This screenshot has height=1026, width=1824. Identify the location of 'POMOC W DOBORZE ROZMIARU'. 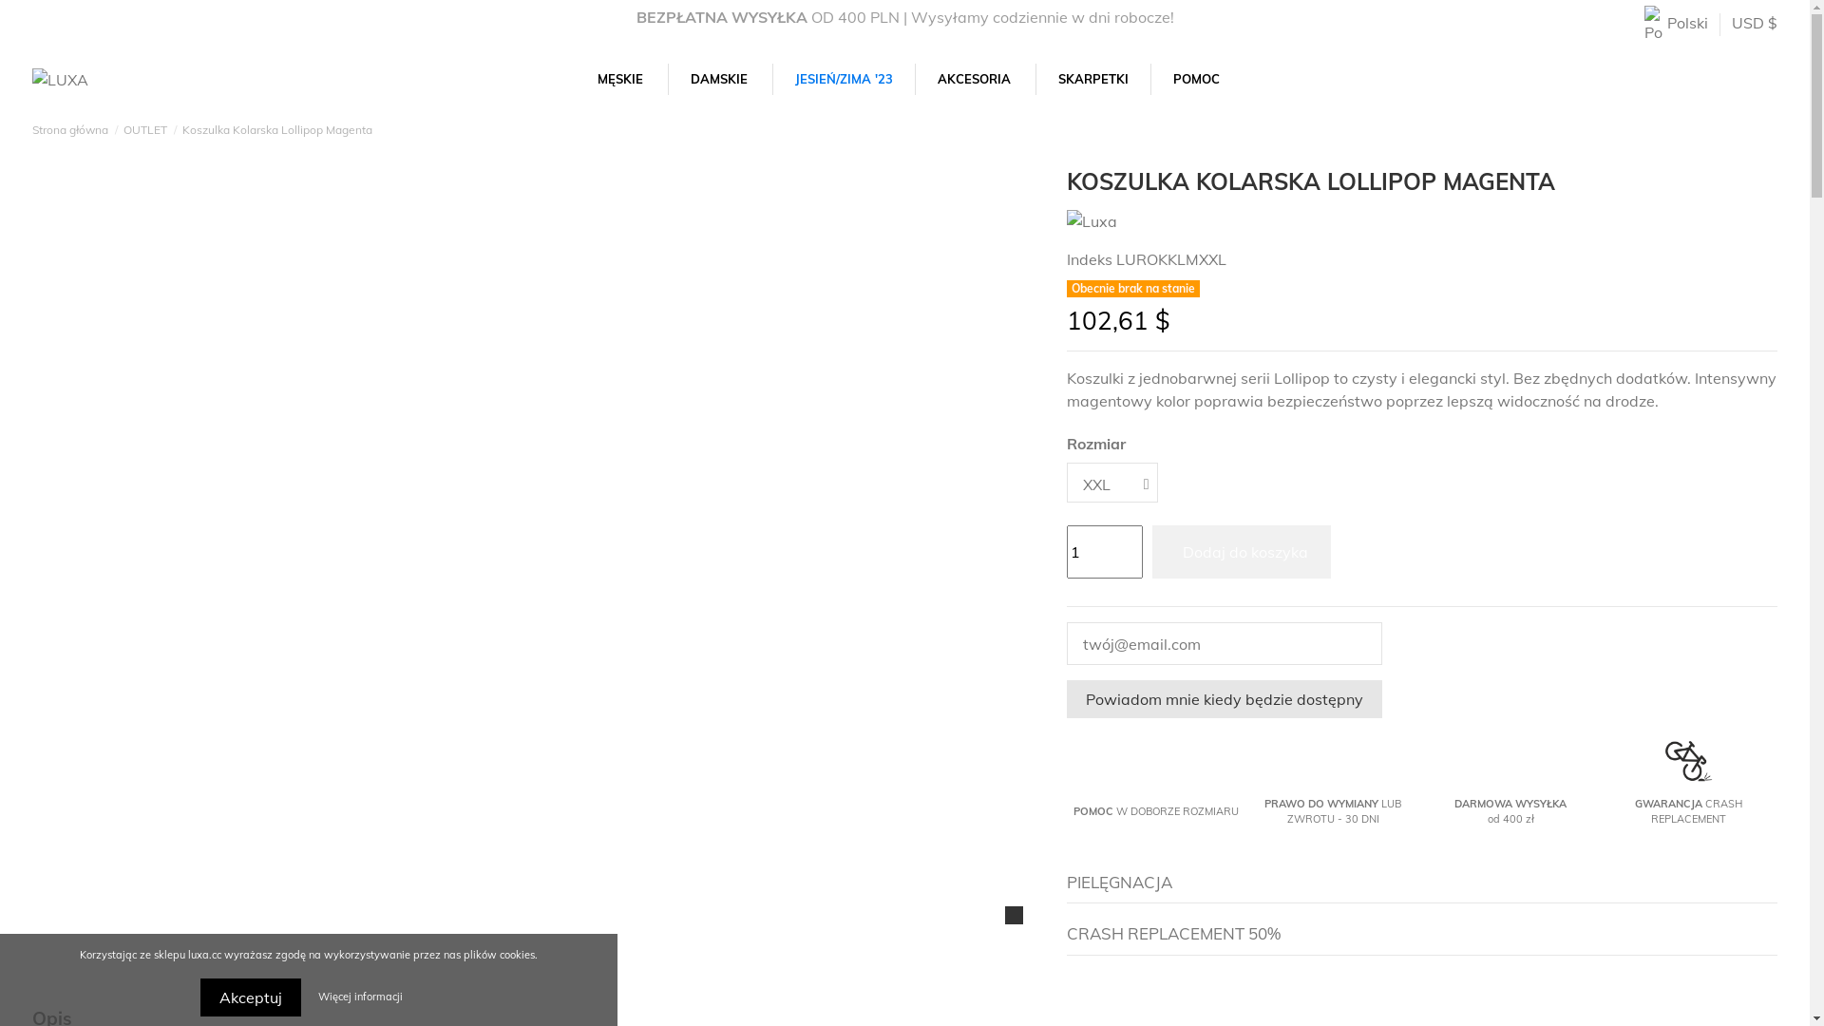
(1155, 810).